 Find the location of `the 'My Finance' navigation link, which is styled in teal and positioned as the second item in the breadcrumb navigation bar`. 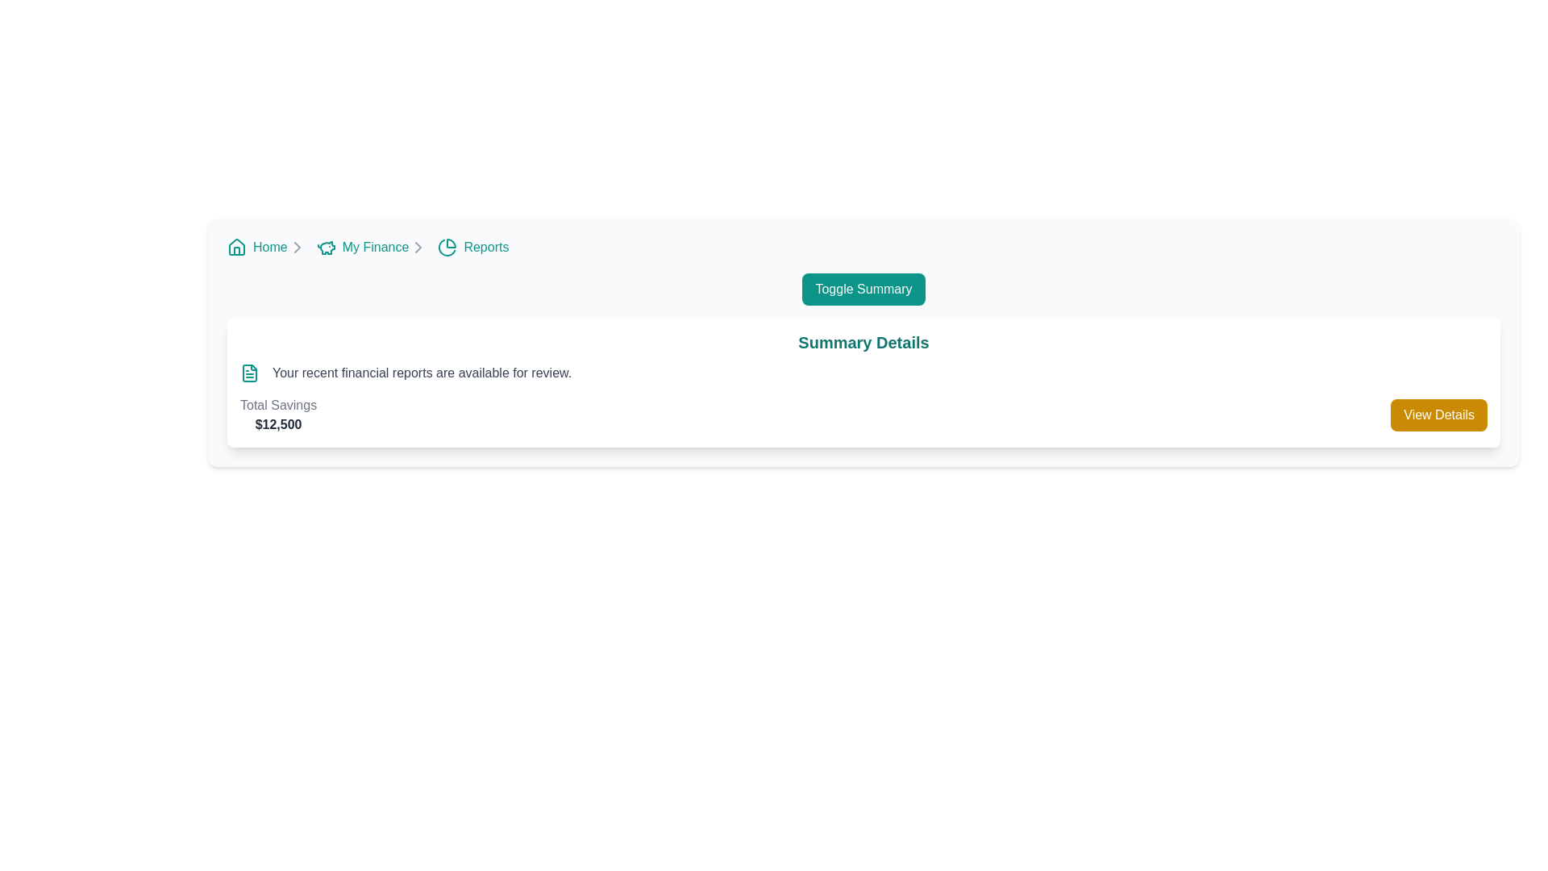

the 'My Finance' navigation link, which is styled in teal and positioned as the second item in the breadcrumb navigation bar is located at coordinates (374, 248).